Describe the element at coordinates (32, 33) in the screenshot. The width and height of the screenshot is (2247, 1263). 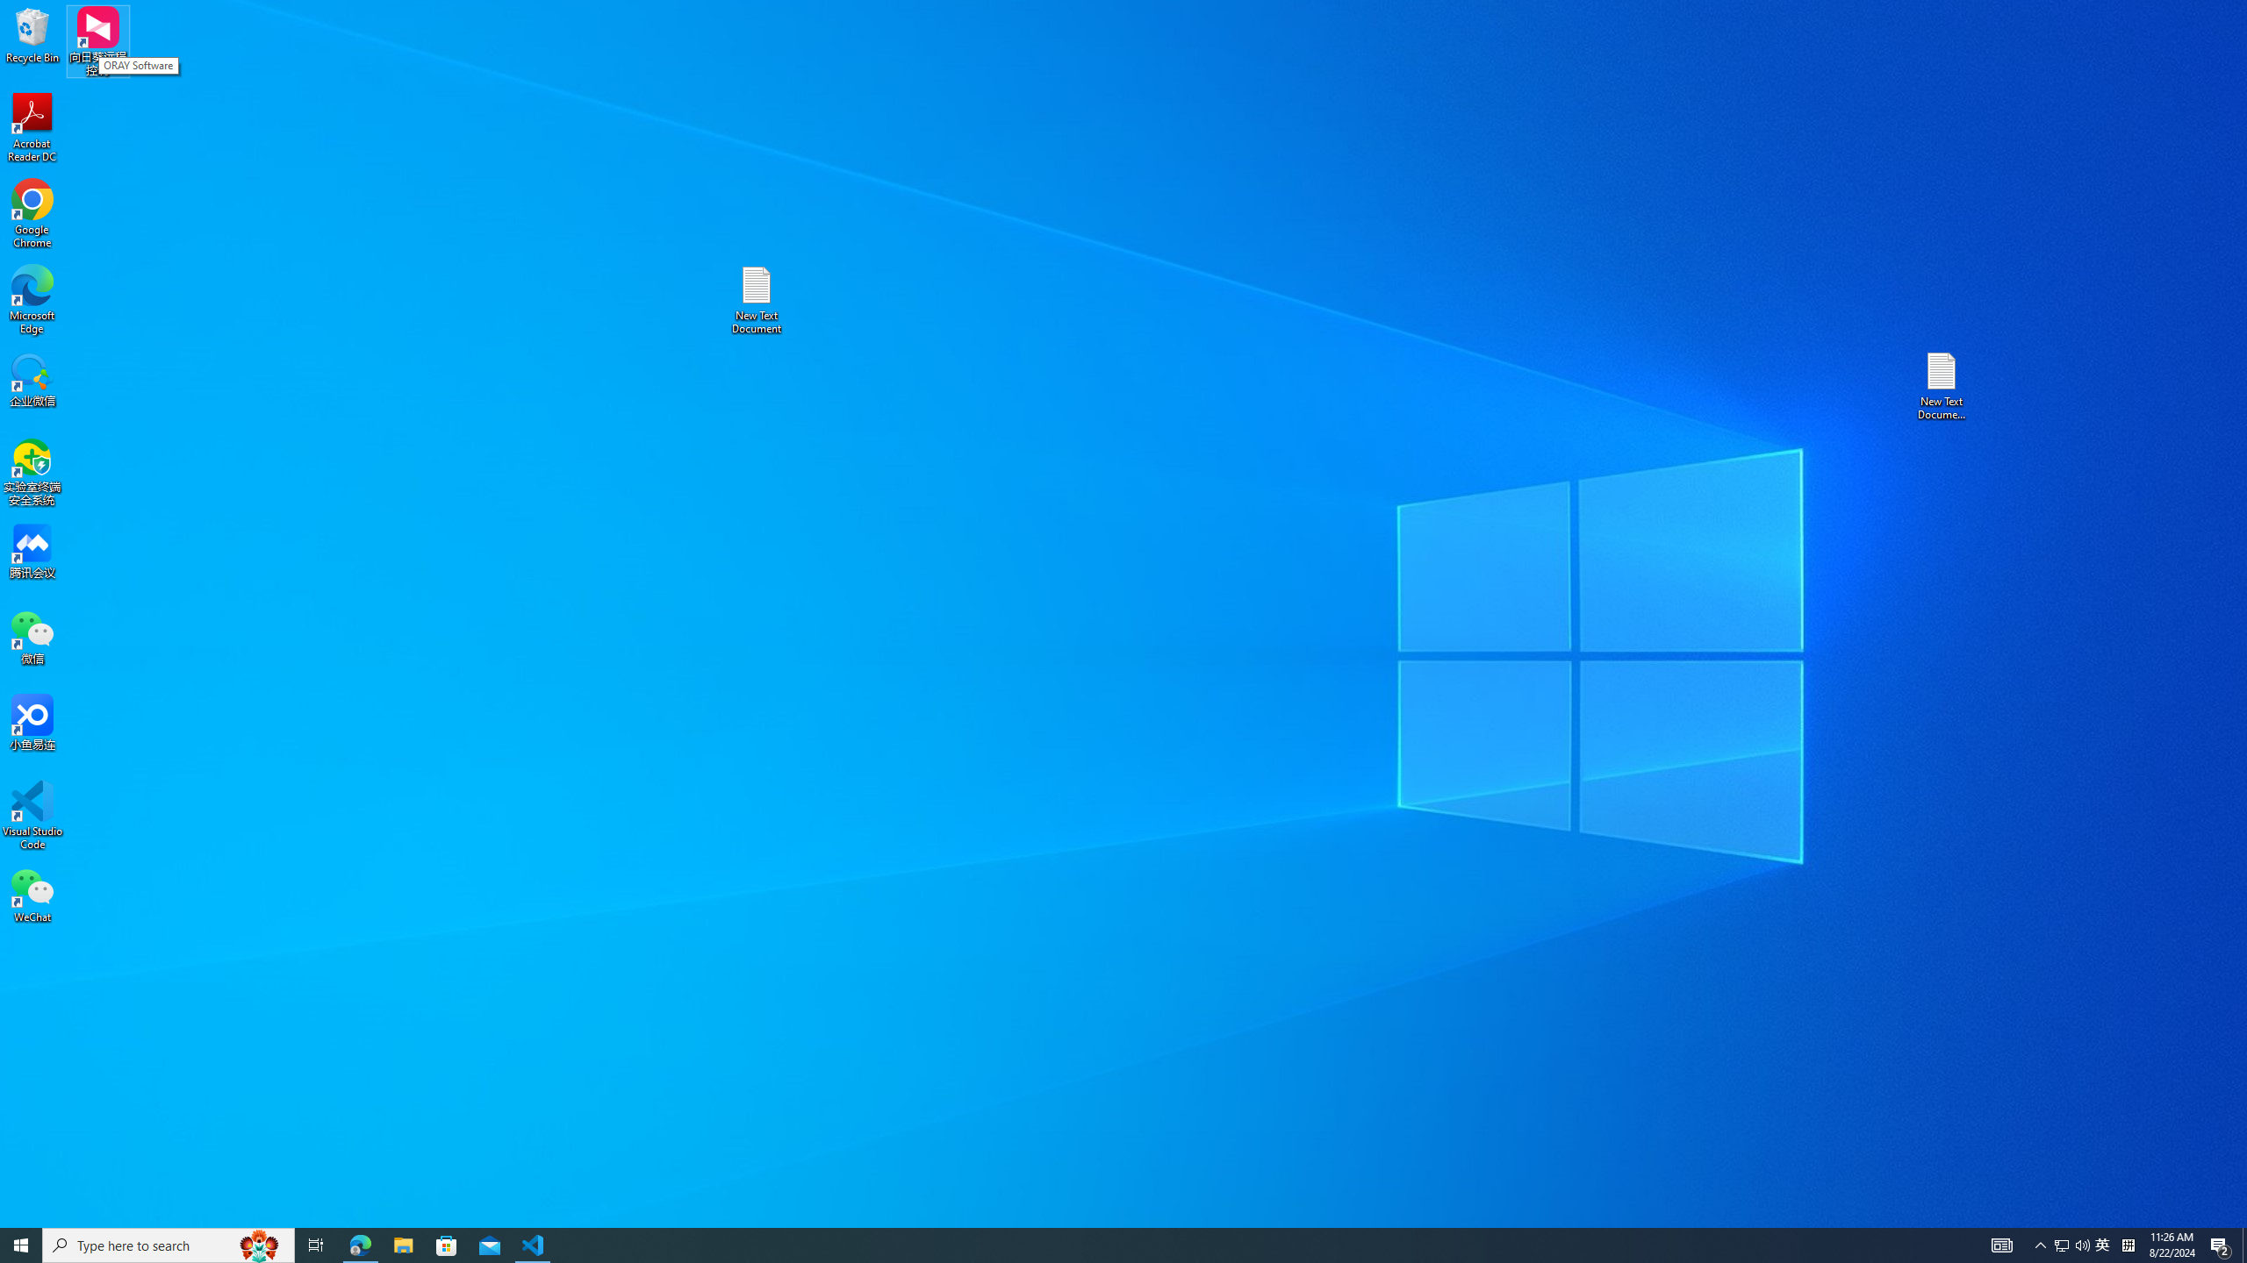
I see `'Recycle Bin'` at that location.